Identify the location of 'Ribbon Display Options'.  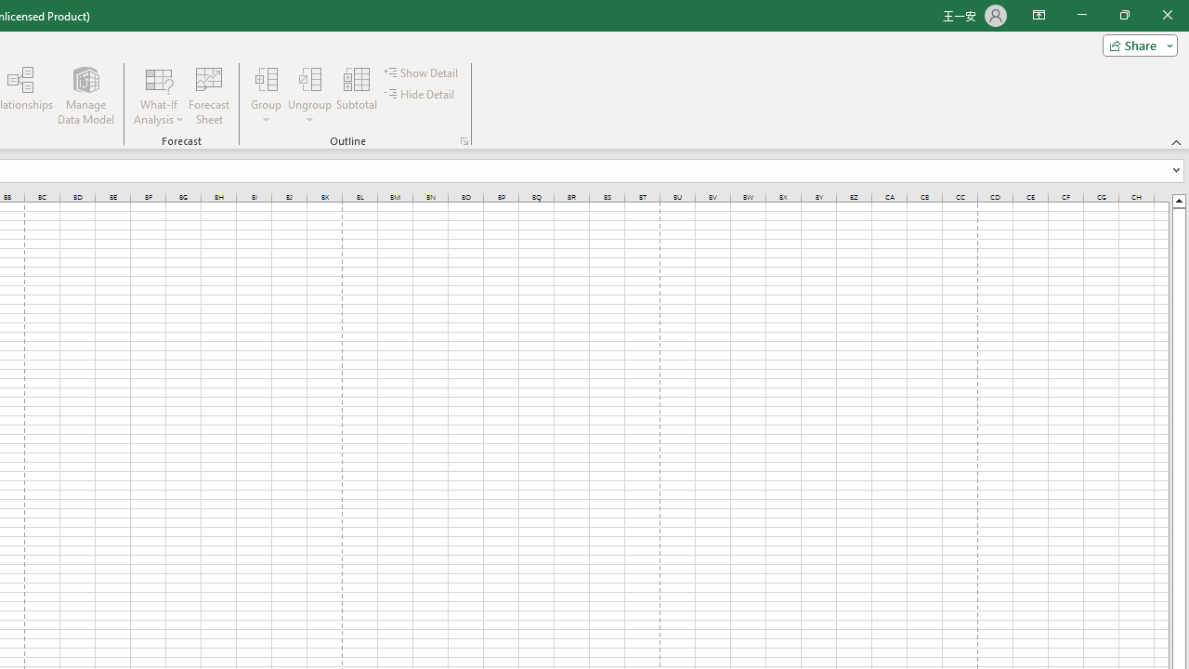
(1038, 15).